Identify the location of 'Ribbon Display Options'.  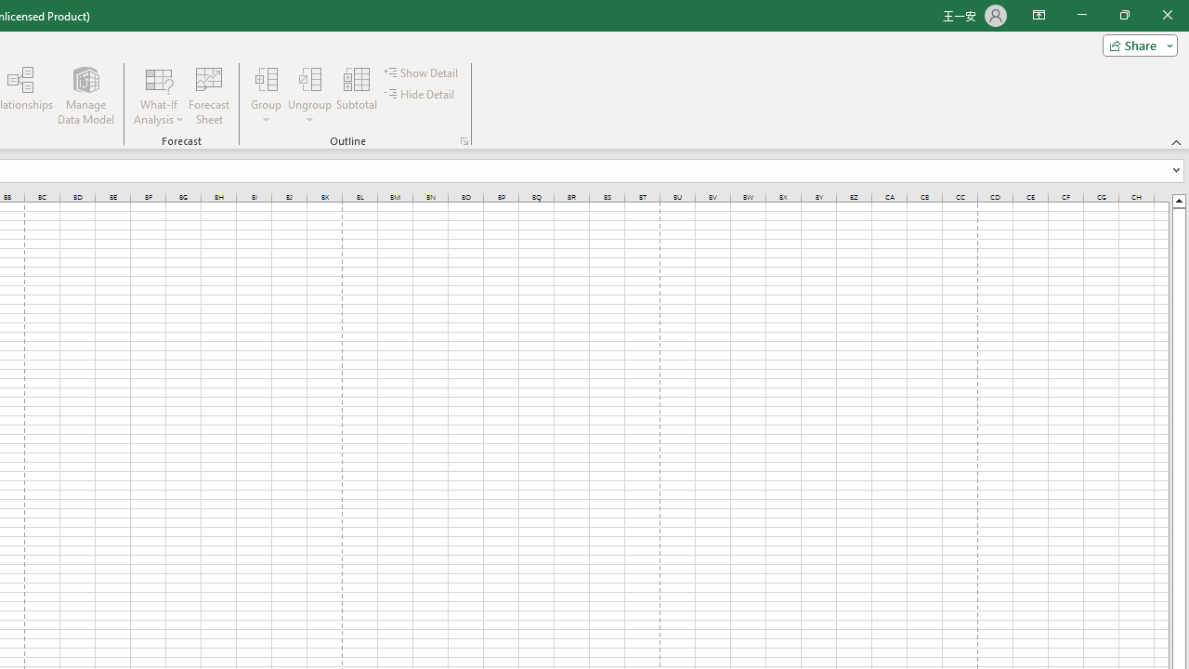
(1038, 15).